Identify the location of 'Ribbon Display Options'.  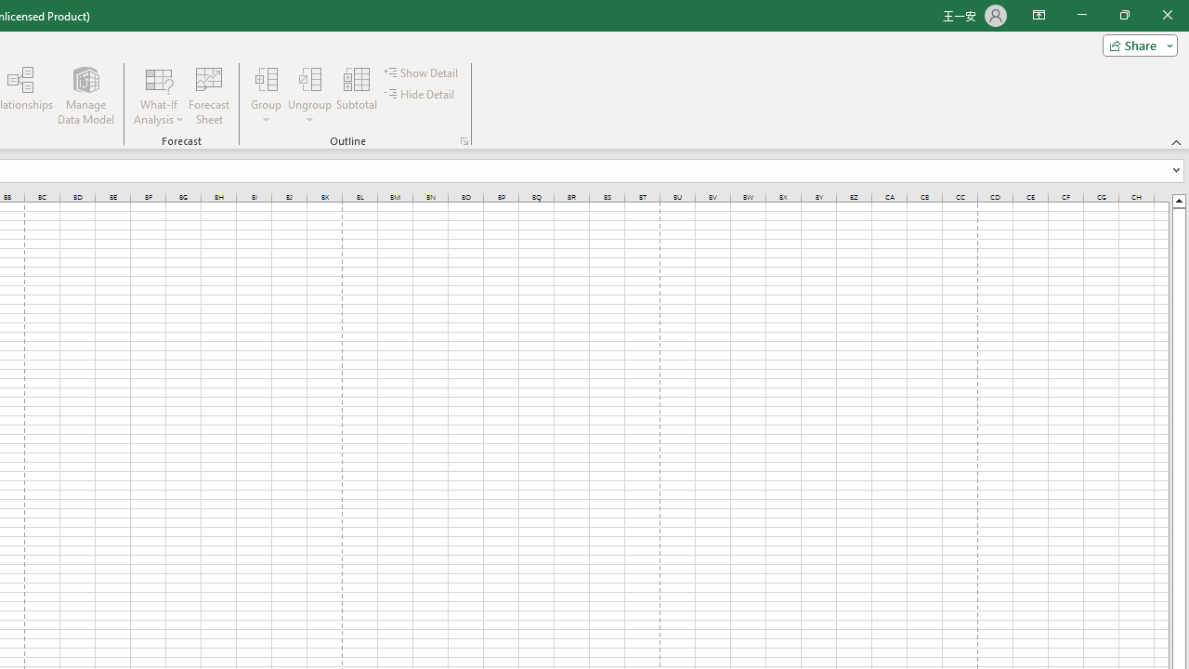
(1038, 15).